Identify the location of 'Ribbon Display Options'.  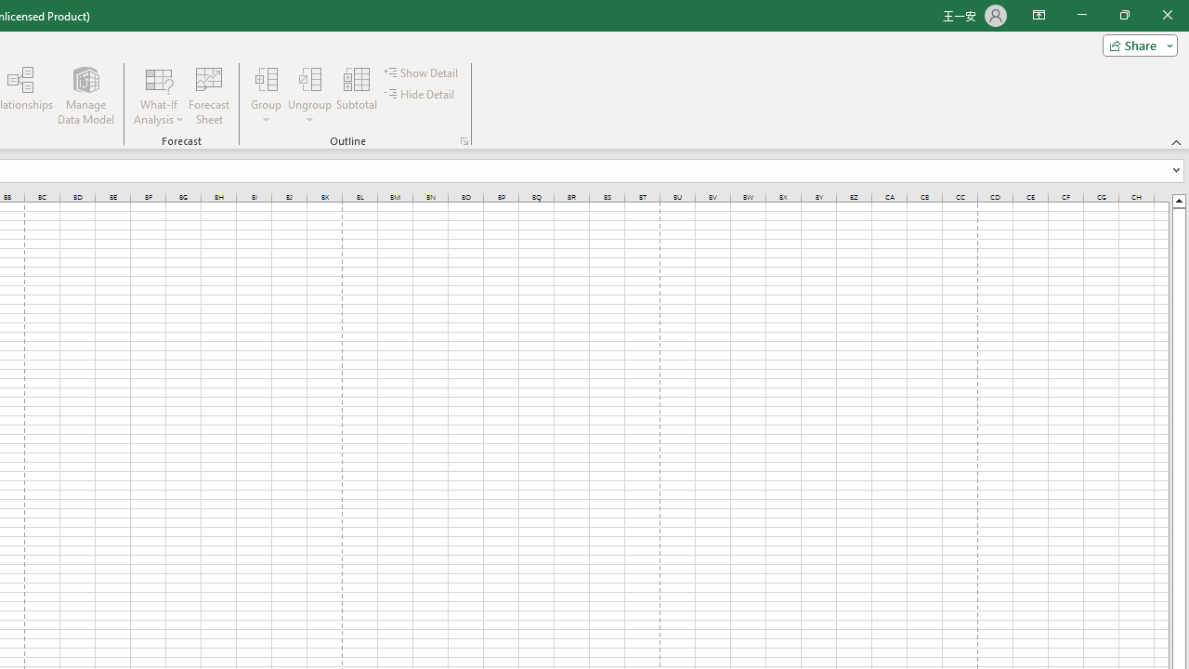
(1038, 15).